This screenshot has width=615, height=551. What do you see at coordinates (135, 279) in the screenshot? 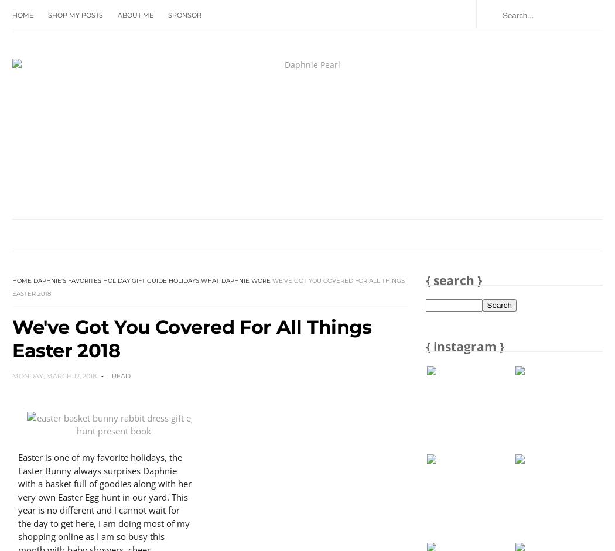
I see `'Holiday Gift Guide'` at bounding box center [135, 279].